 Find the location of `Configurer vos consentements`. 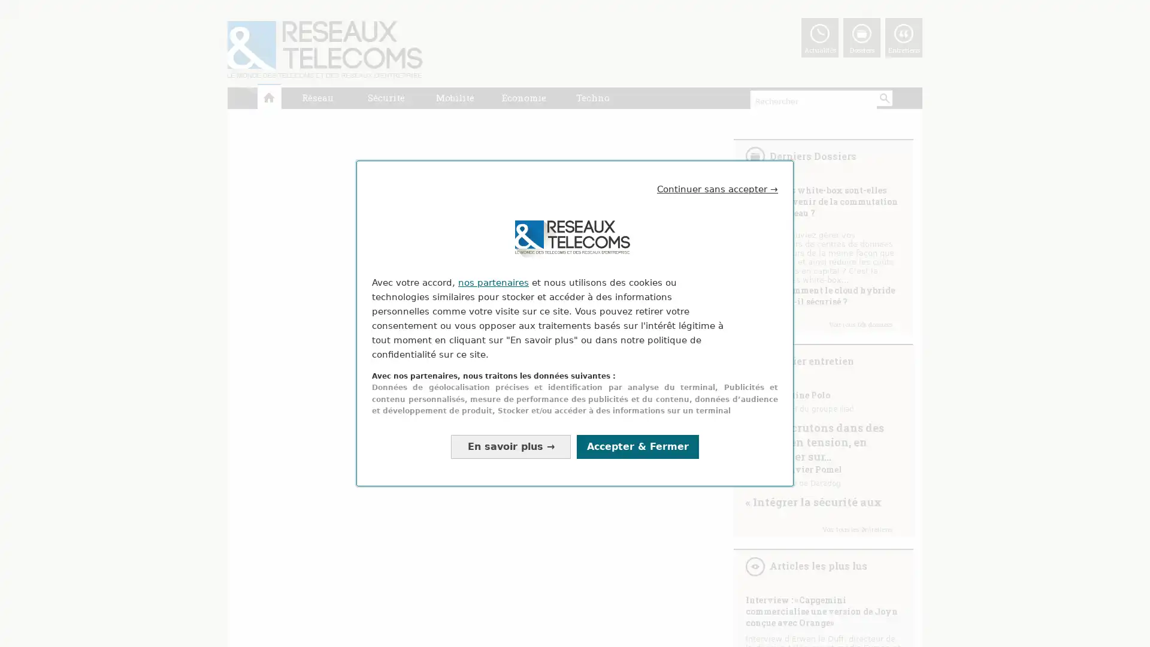

Configurer vos consentements is located at coordinates (511, 446).